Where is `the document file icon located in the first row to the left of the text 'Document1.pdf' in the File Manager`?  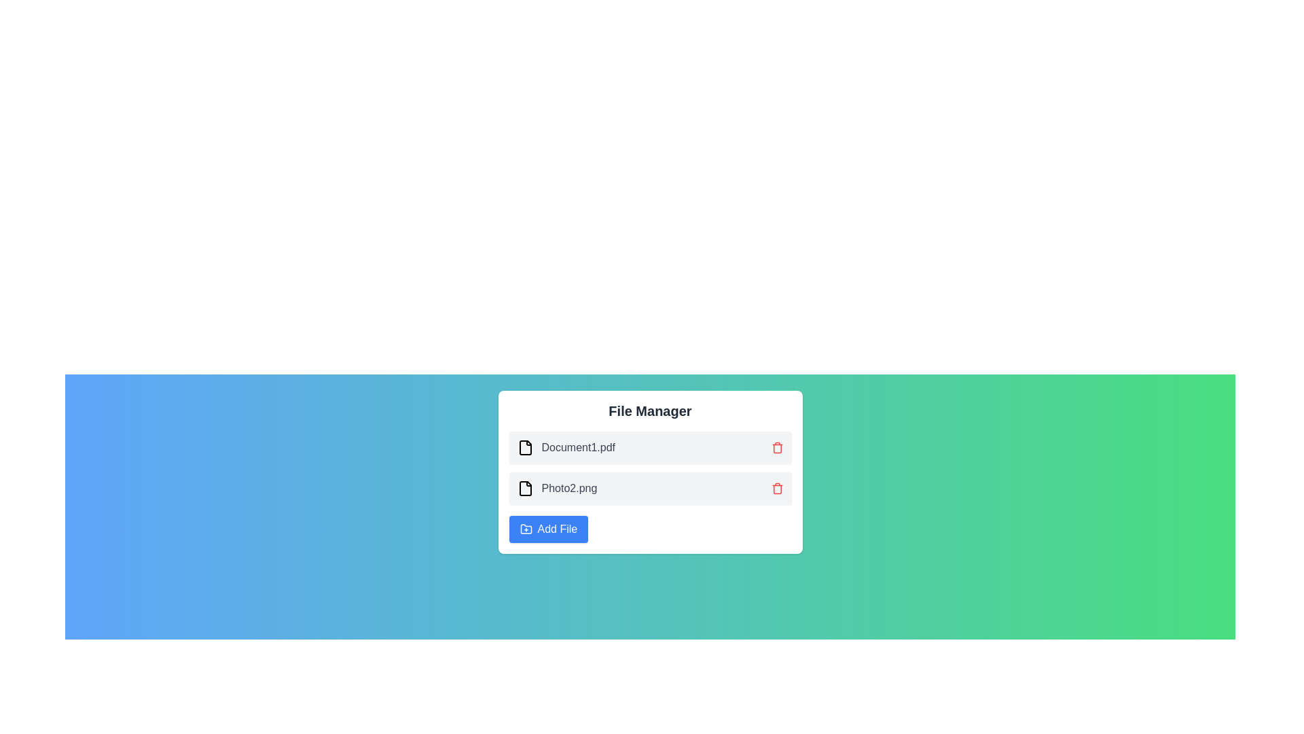
the document file icon located in the first row to the left of the text 'Document1.pdf' in the File Manager is located at coordinates (524, 448).